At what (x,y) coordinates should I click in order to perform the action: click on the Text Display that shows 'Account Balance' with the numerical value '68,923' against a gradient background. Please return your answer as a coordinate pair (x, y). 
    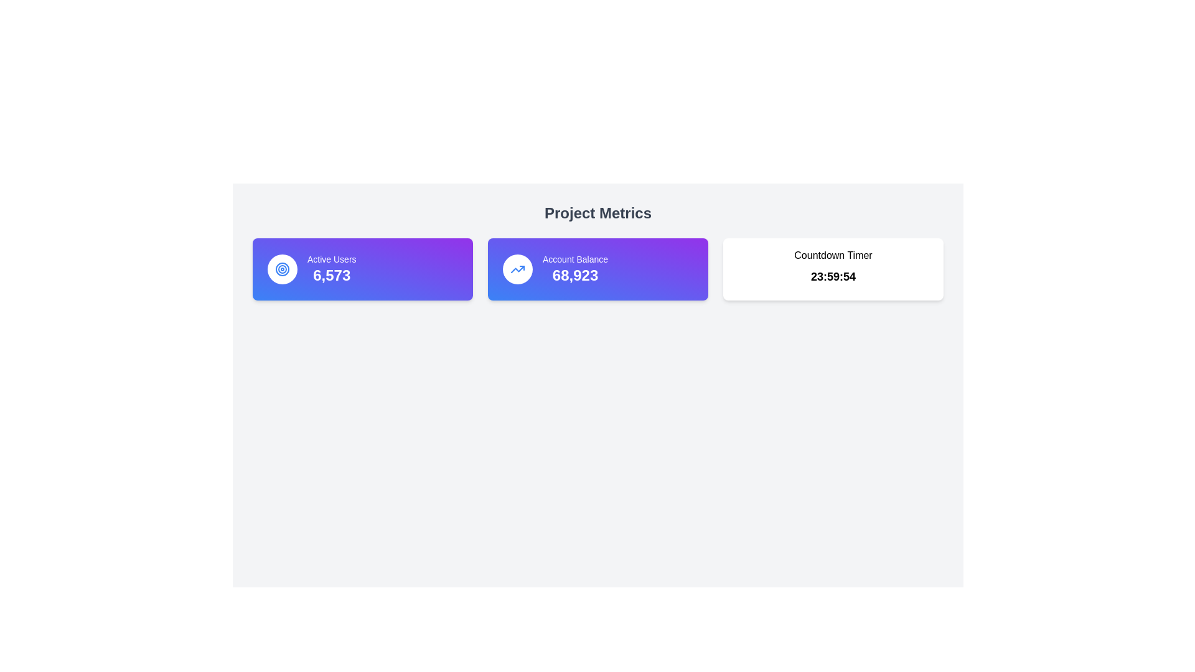
    Looking at the image, I should click on (574, 268).